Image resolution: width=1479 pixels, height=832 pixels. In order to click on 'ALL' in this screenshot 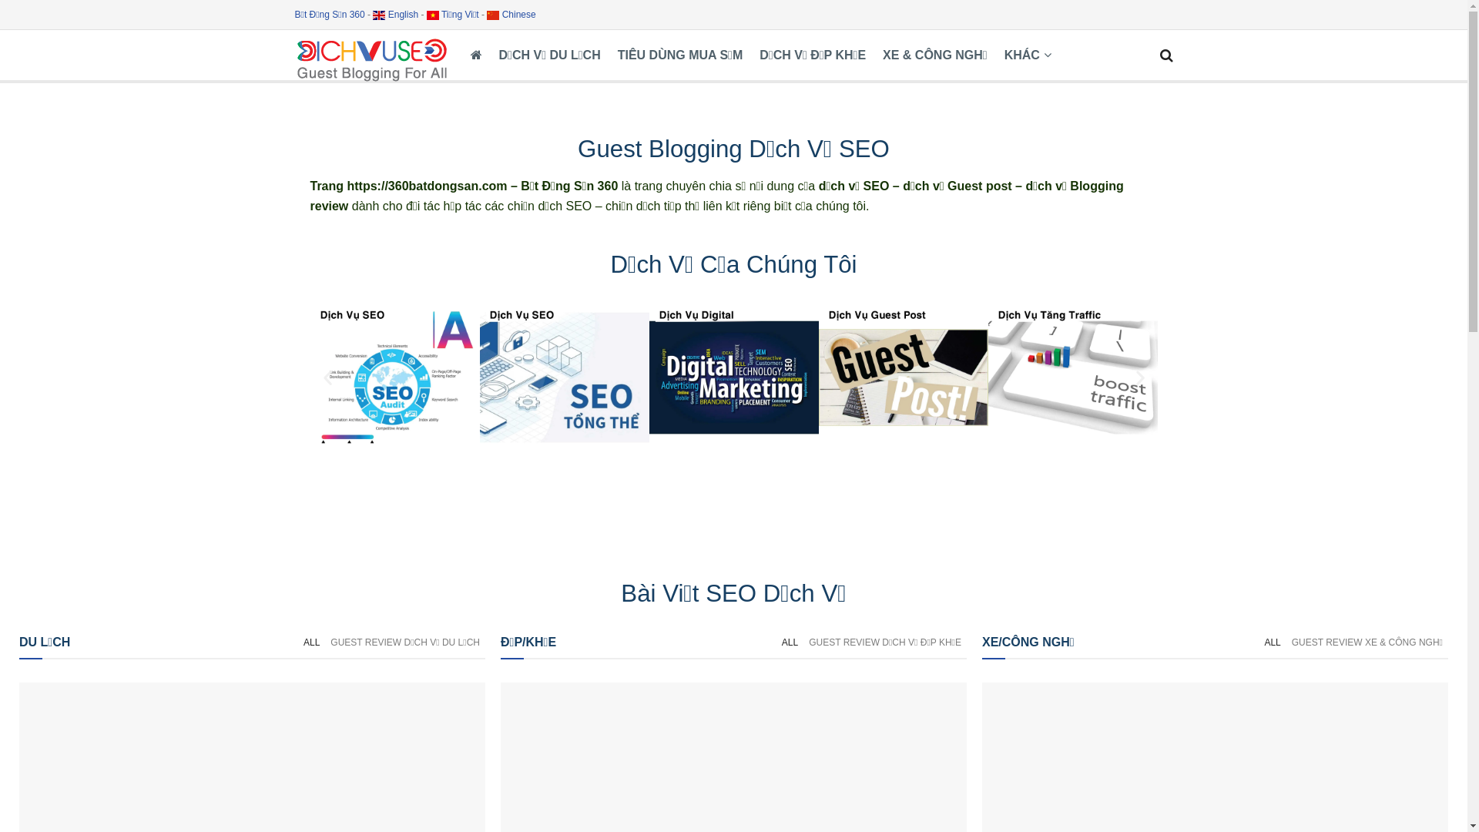, I will do `click(1258, 642)`.